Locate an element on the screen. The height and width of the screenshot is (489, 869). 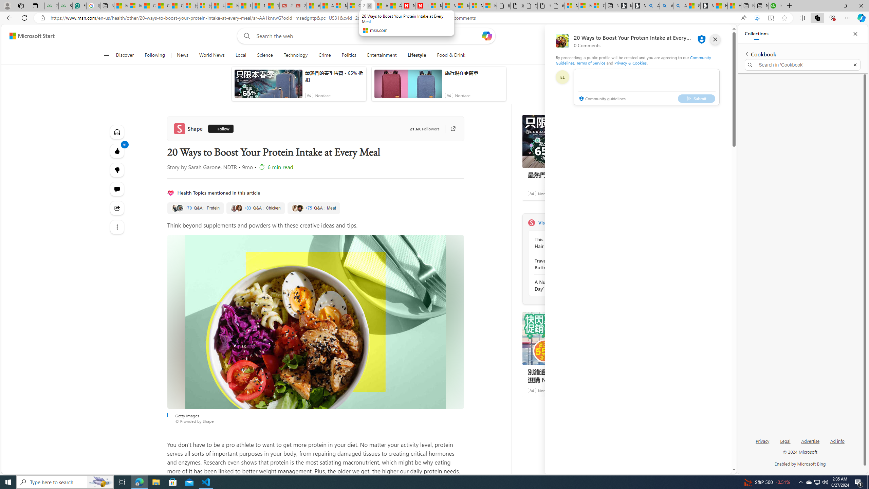
'Science' is located at coordinates (264, 55).